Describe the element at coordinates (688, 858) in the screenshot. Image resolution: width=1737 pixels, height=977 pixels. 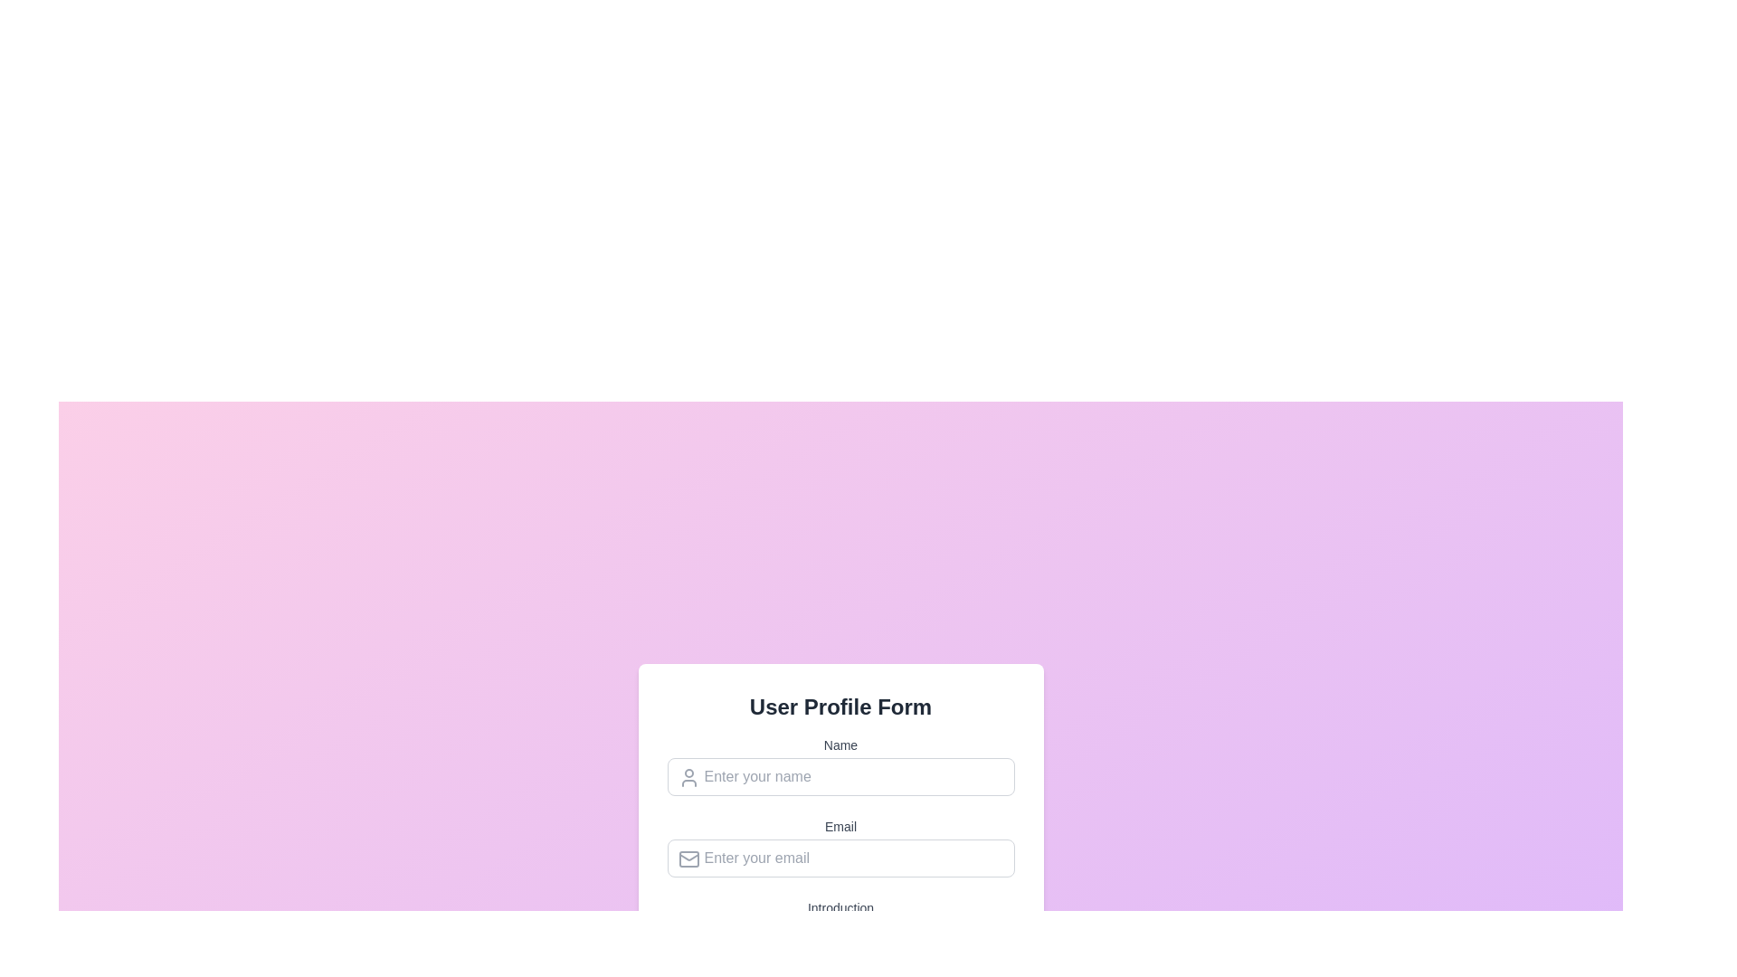
I see `email envelope icon located near the top-left corner of the email input field in the user profile form` at that location.